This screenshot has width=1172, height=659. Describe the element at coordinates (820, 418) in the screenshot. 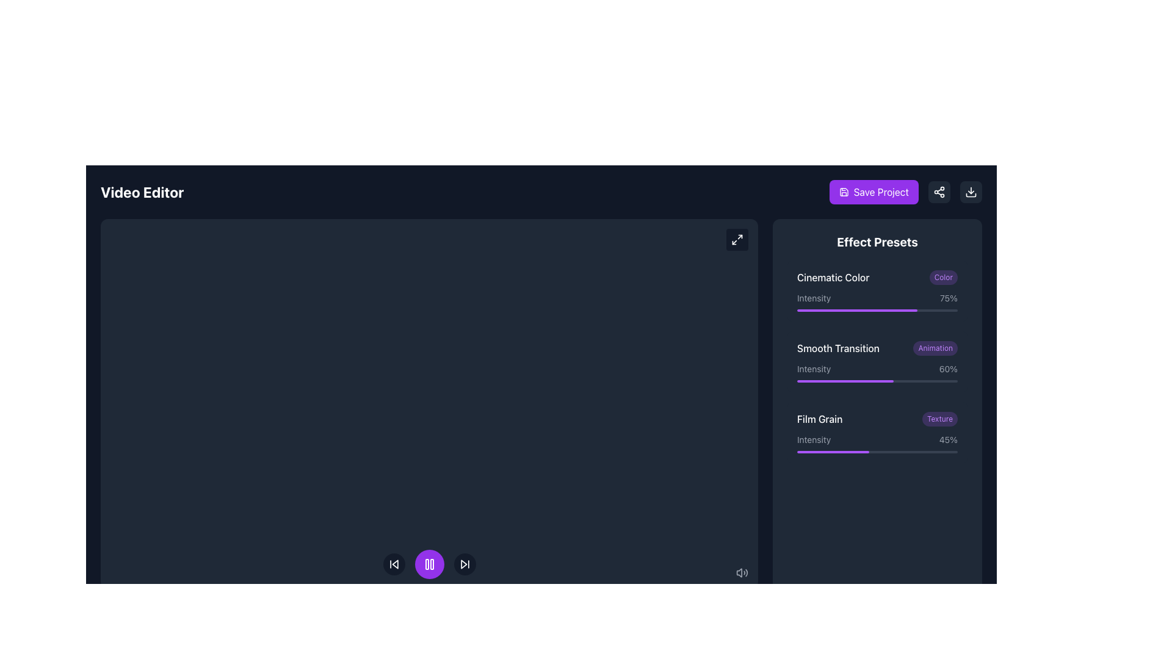

I see `the text label displaying 'Film Grain' in white, located under the 'Effect Presets' category on the right-hand side of the interface` at that location.